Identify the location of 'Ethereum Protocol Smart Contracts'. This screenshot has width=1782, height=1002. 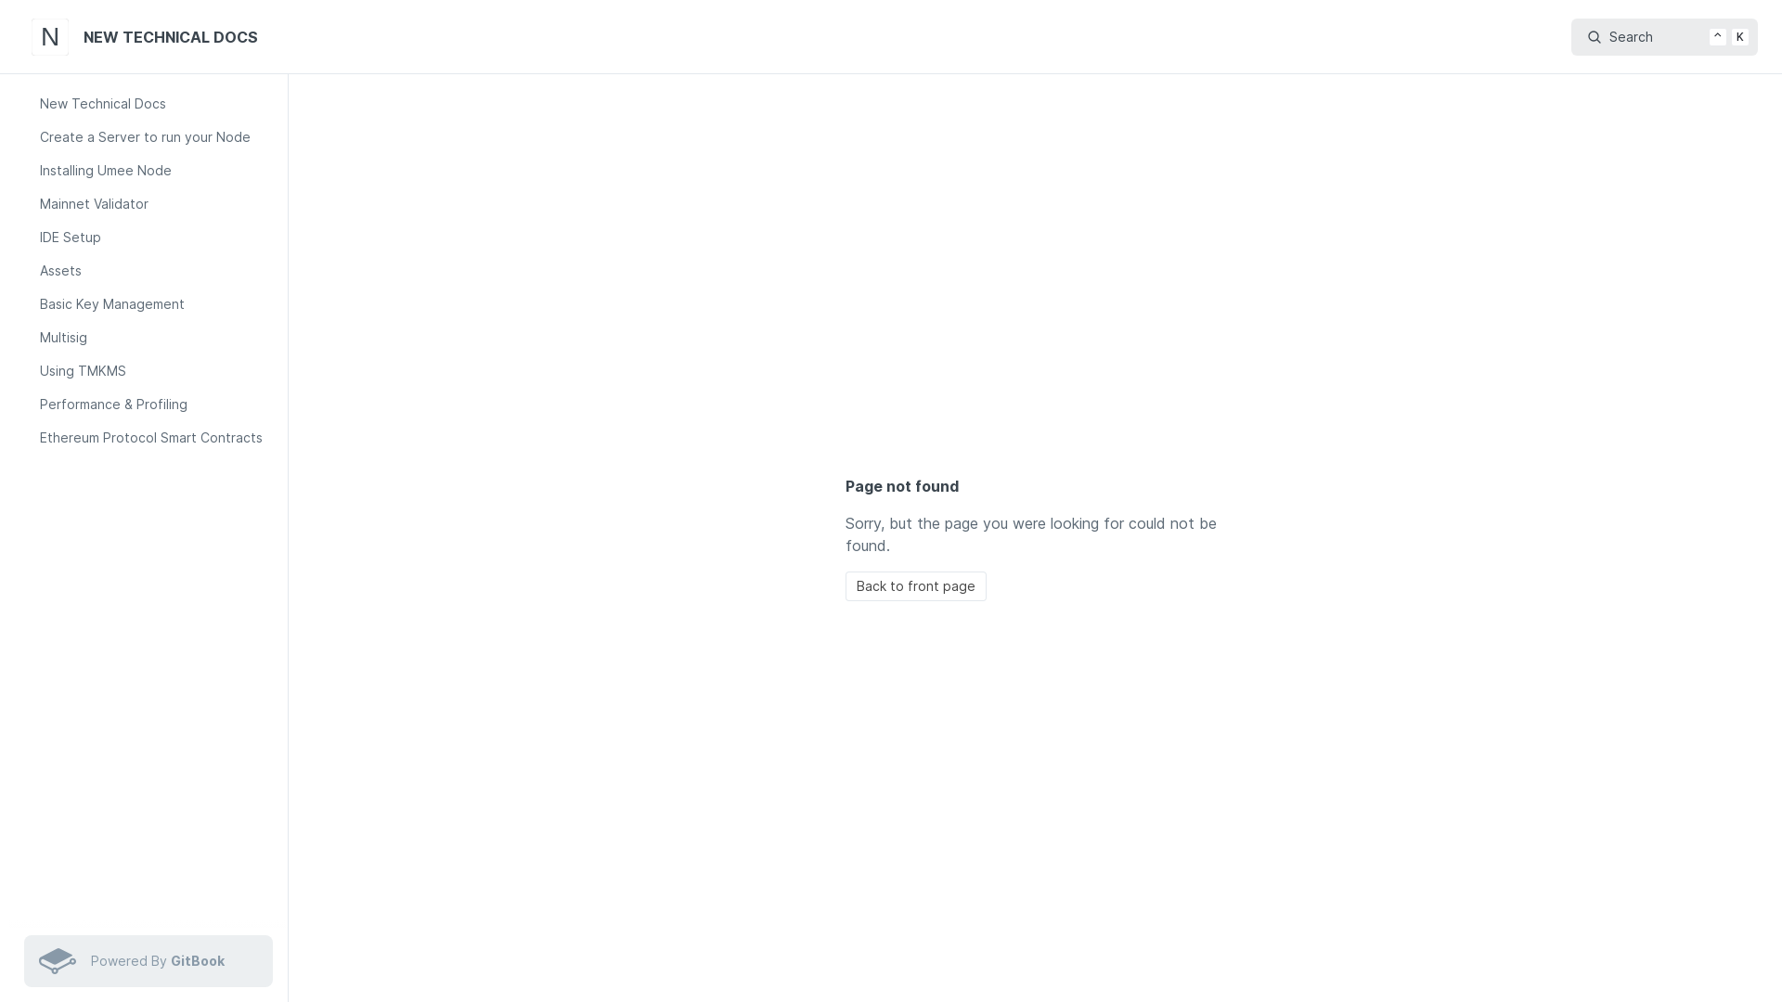
(156, 437).